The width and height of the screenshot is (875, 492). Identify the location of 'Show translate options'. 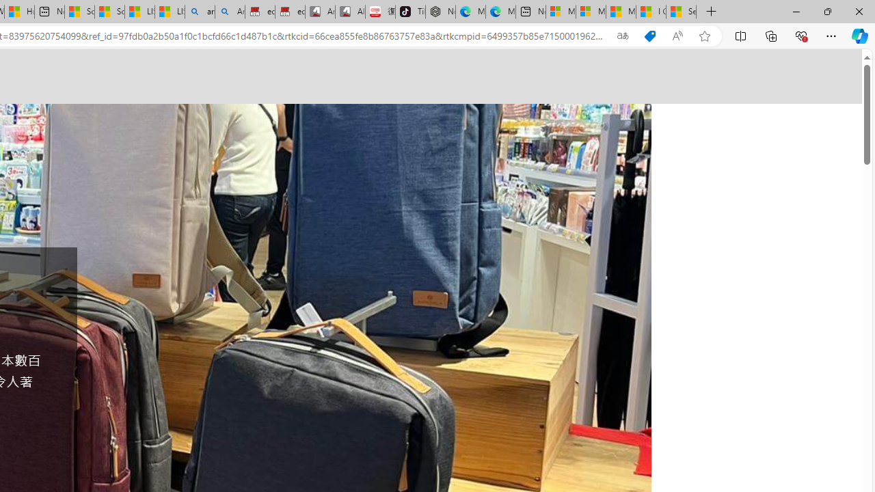
(621, 36).